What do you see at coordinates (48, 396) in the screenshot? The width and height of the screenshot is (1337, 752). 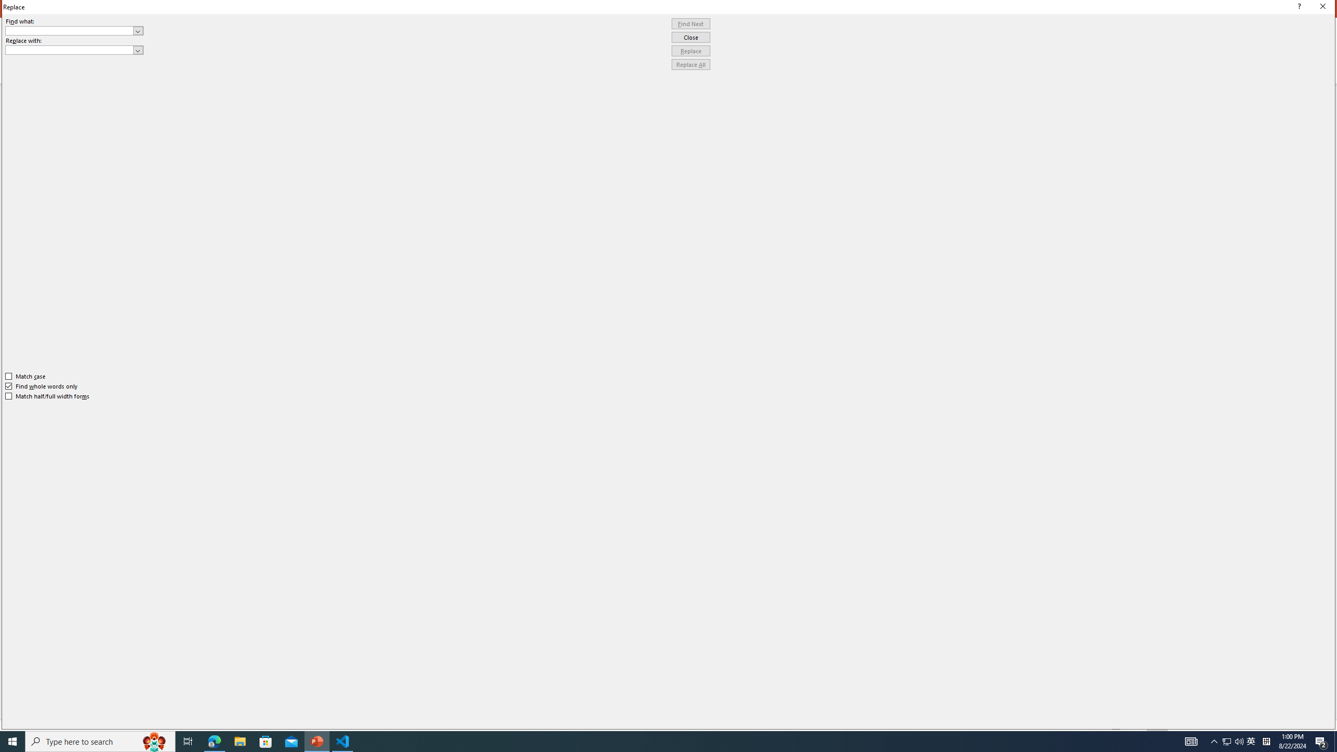 I see `'Match half/full width forms'` at bounding box center [48, 396].